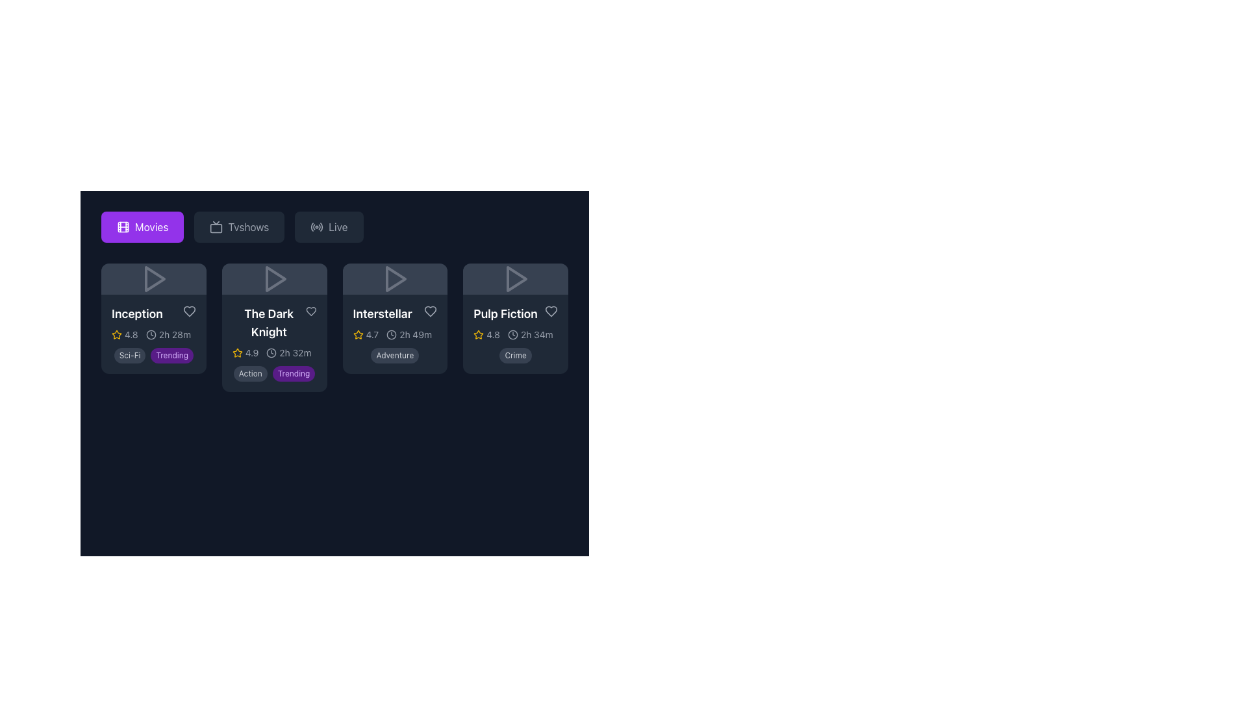 This screenshot has width=1247, height=701. Describe the element at coordinates (151, 227) in the screenshot. I see `the 'Movies' text element, which is displayed in a stylized font on a purple rectangular button with rounded corners, located in the upper-left portion of the movie browsing application` at that location.